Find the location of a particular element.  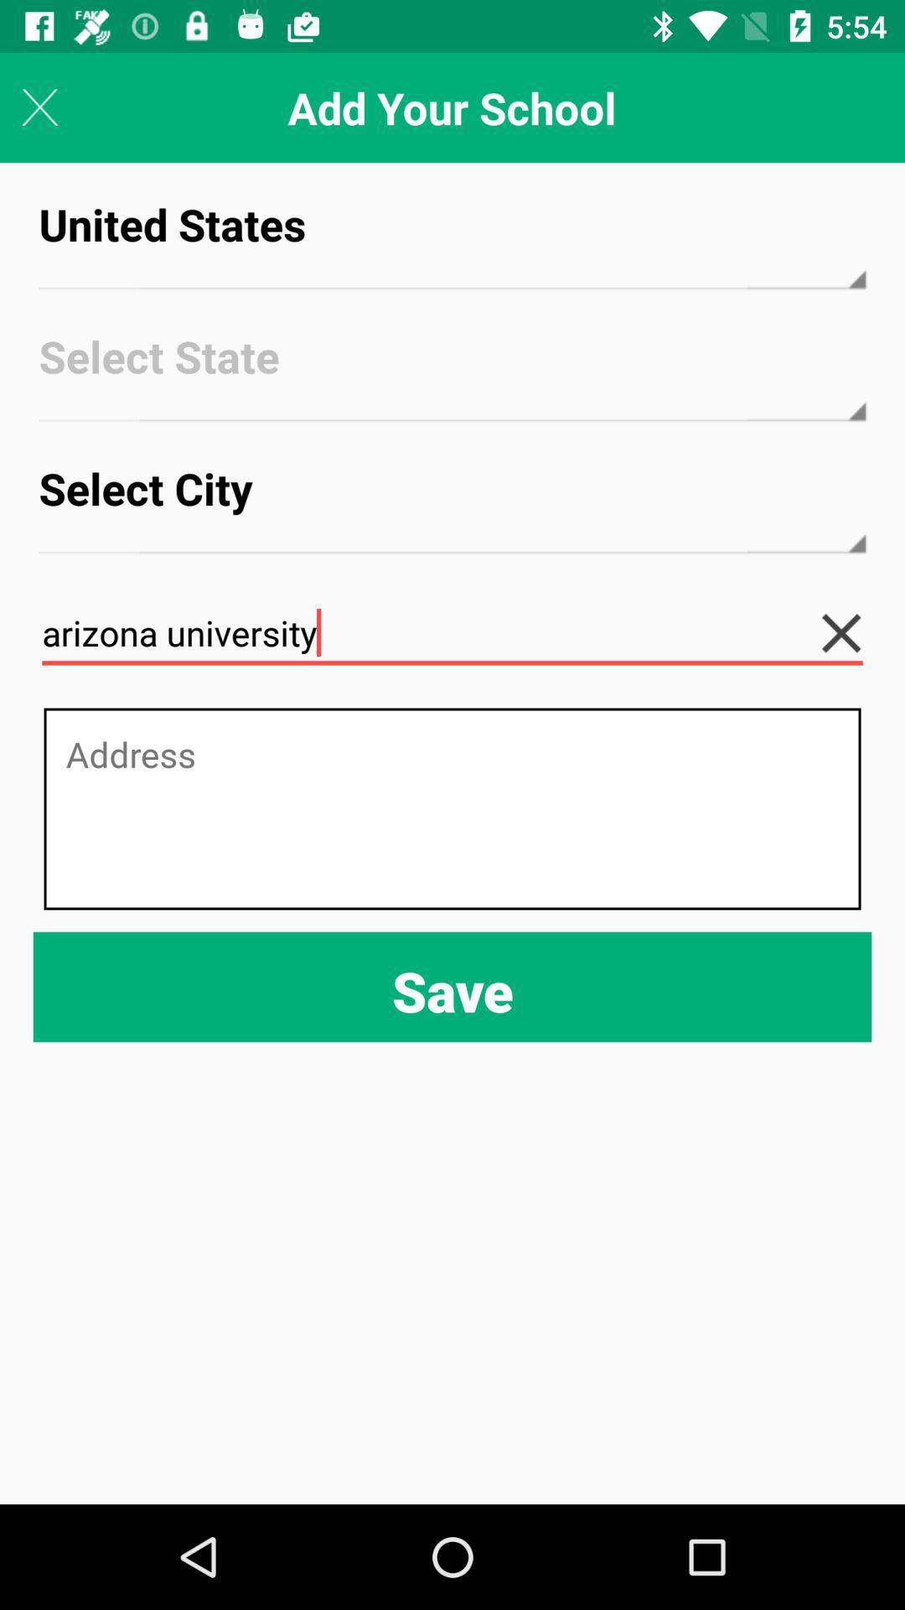

the save icon is located at coordinates (452, 987).